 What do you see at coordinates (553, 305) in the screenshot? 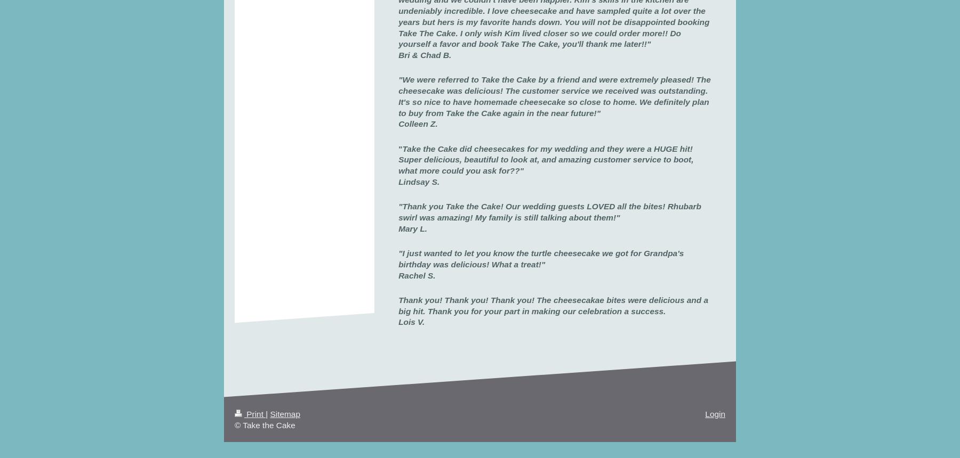
I see `'Thank you! Thank you! Thank you! The cheesecakae bites were delicious and a big hit. Thank you for your part in making our celebration a success.'` at bounding box center [553, 305].